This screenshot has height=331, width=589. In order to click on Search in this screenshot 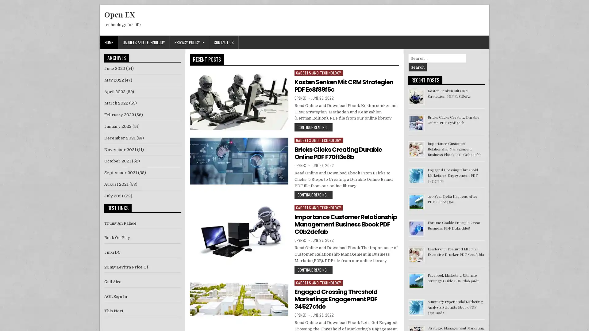, I will do `click(417, 67)`.